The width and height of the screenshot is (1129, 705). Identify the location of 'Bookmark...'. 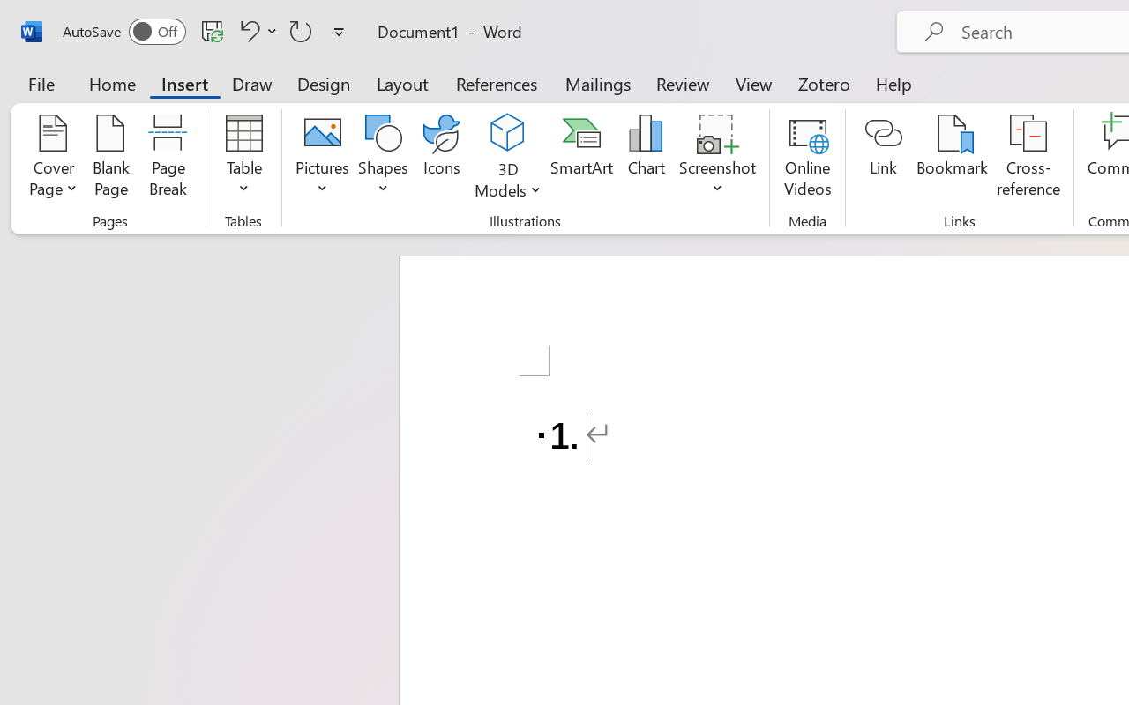
(951, 158).